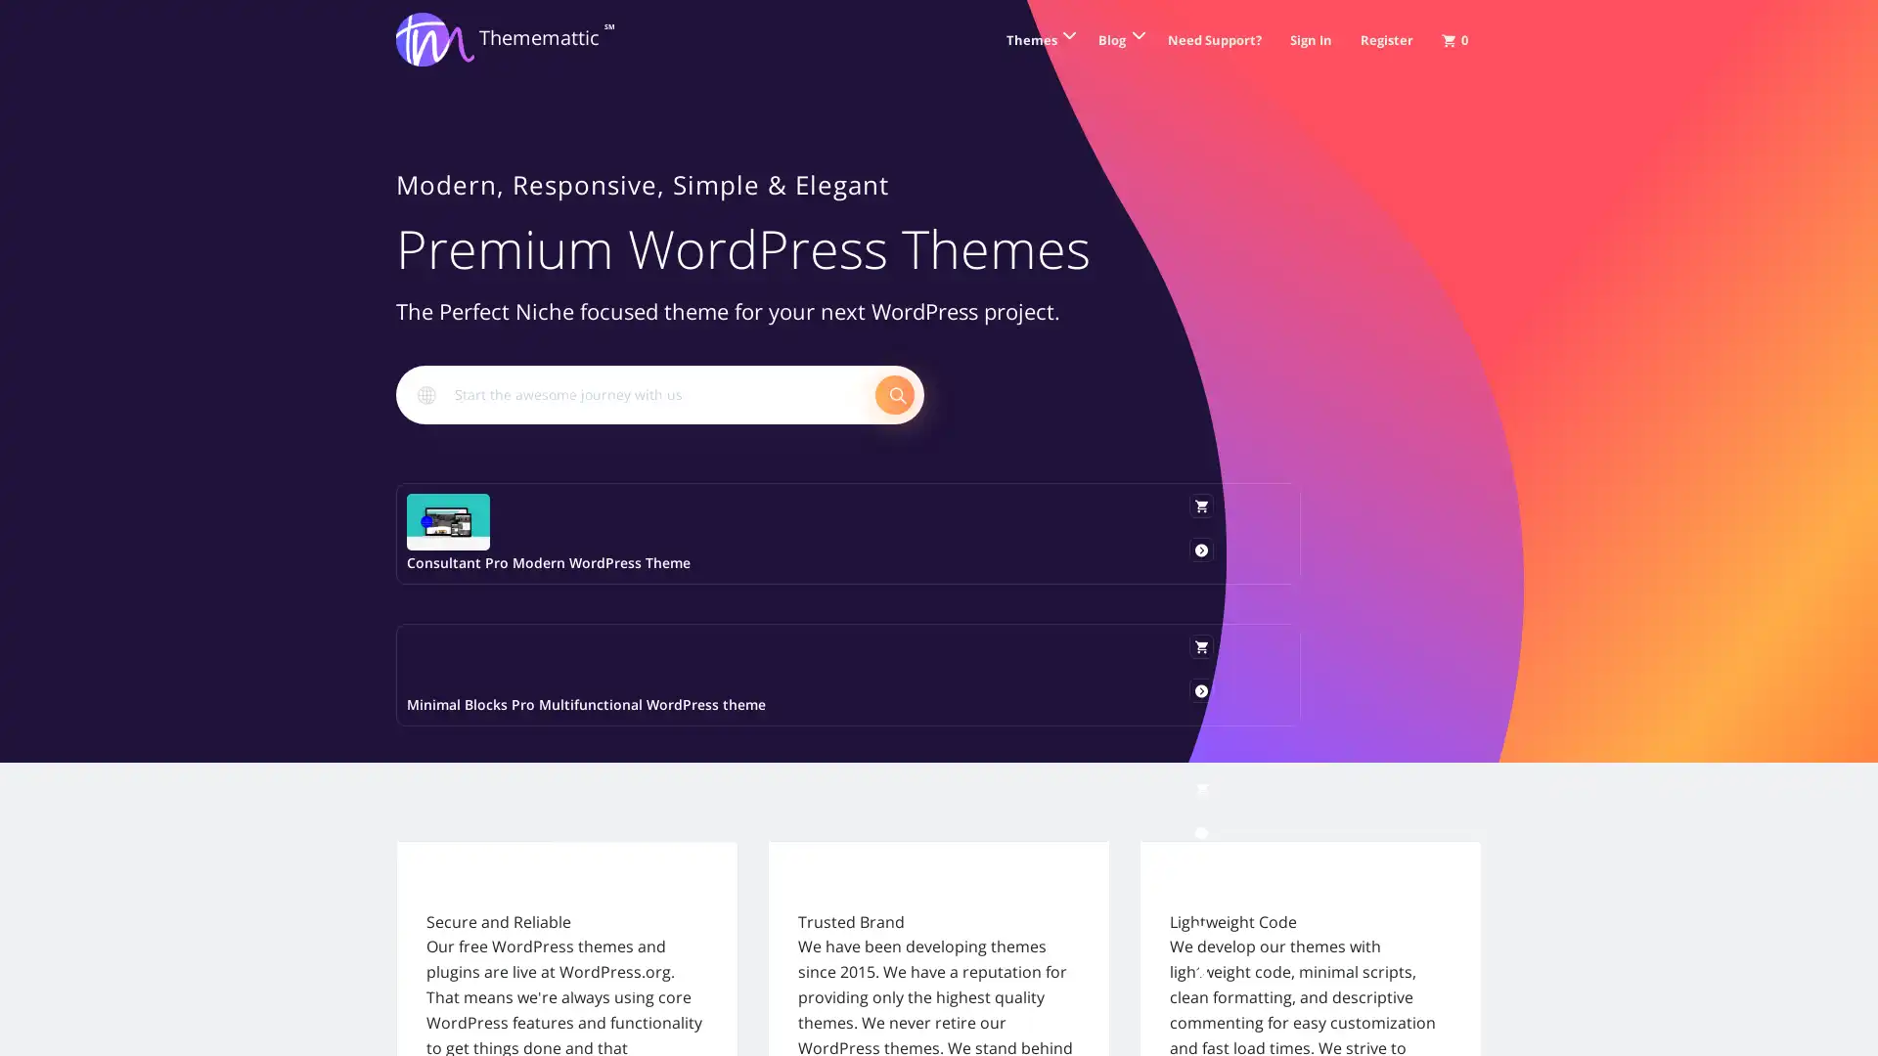  What do you see at coordinates (894, 393) in the screenshot?
I see `search` at bounding box center [894, 393].